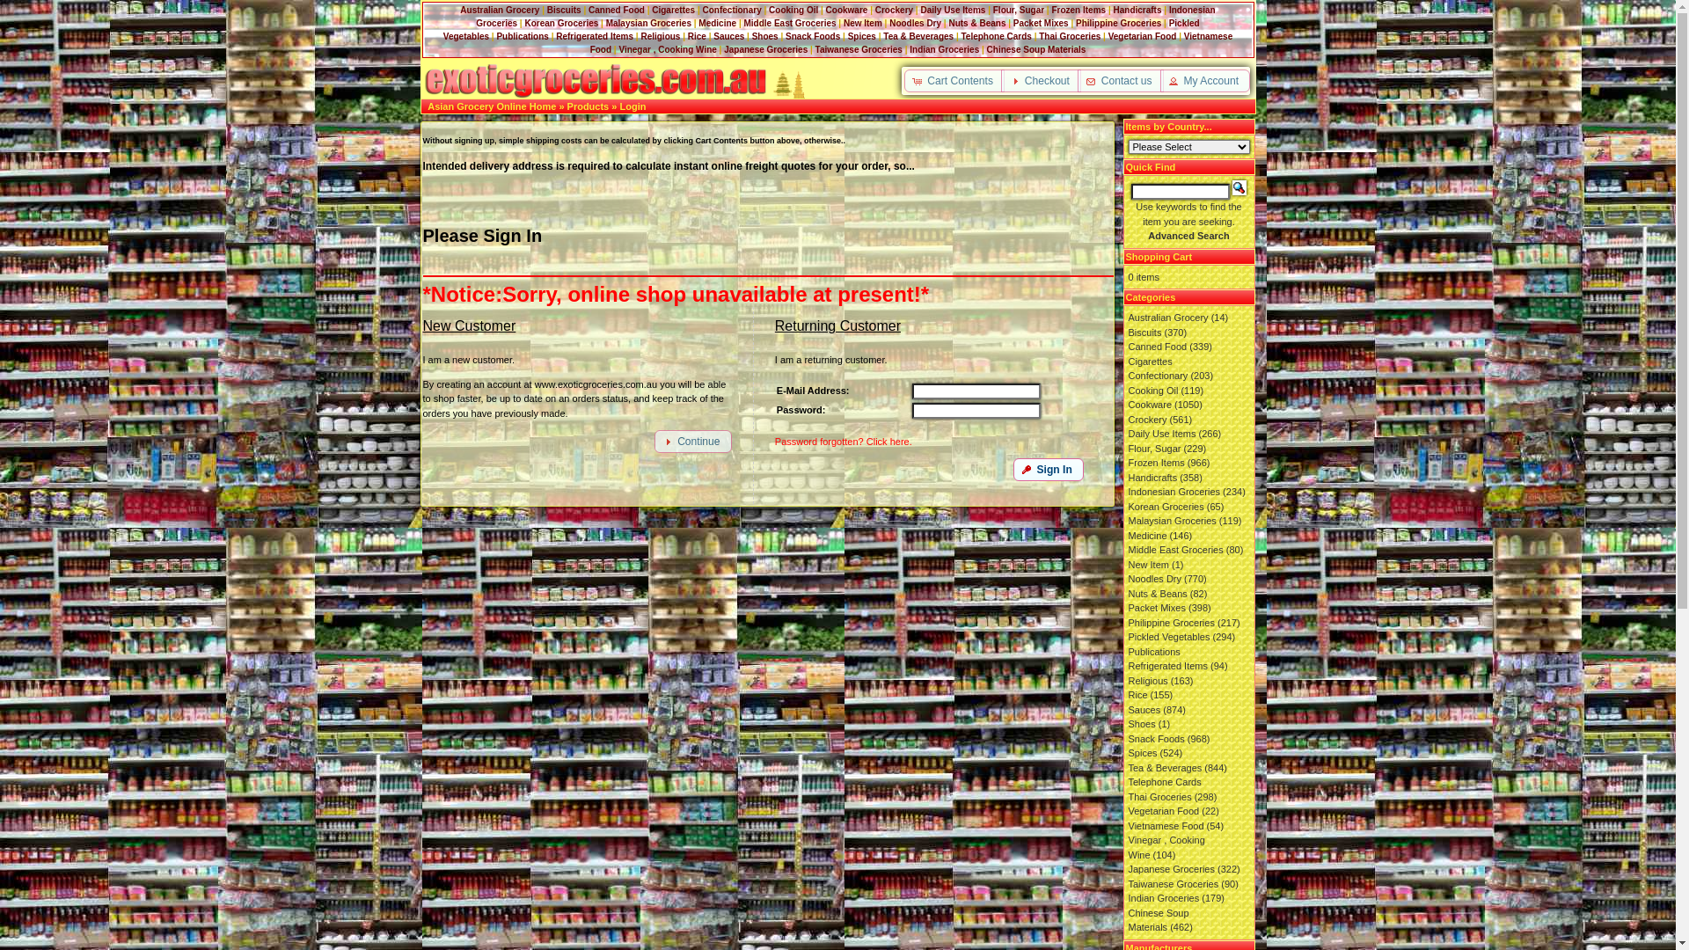  I want to click on 'Advanced Search', so click(1148, 234).